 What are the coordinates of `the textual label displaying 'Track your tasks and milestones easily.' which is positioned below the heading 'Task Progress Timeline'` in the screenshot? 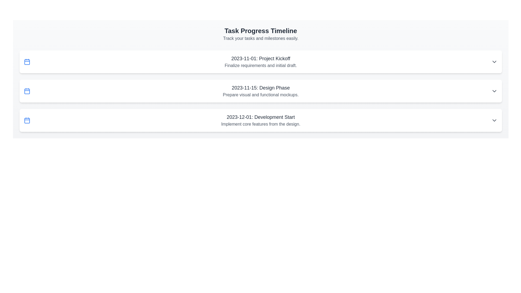 It's located at (260, 38).